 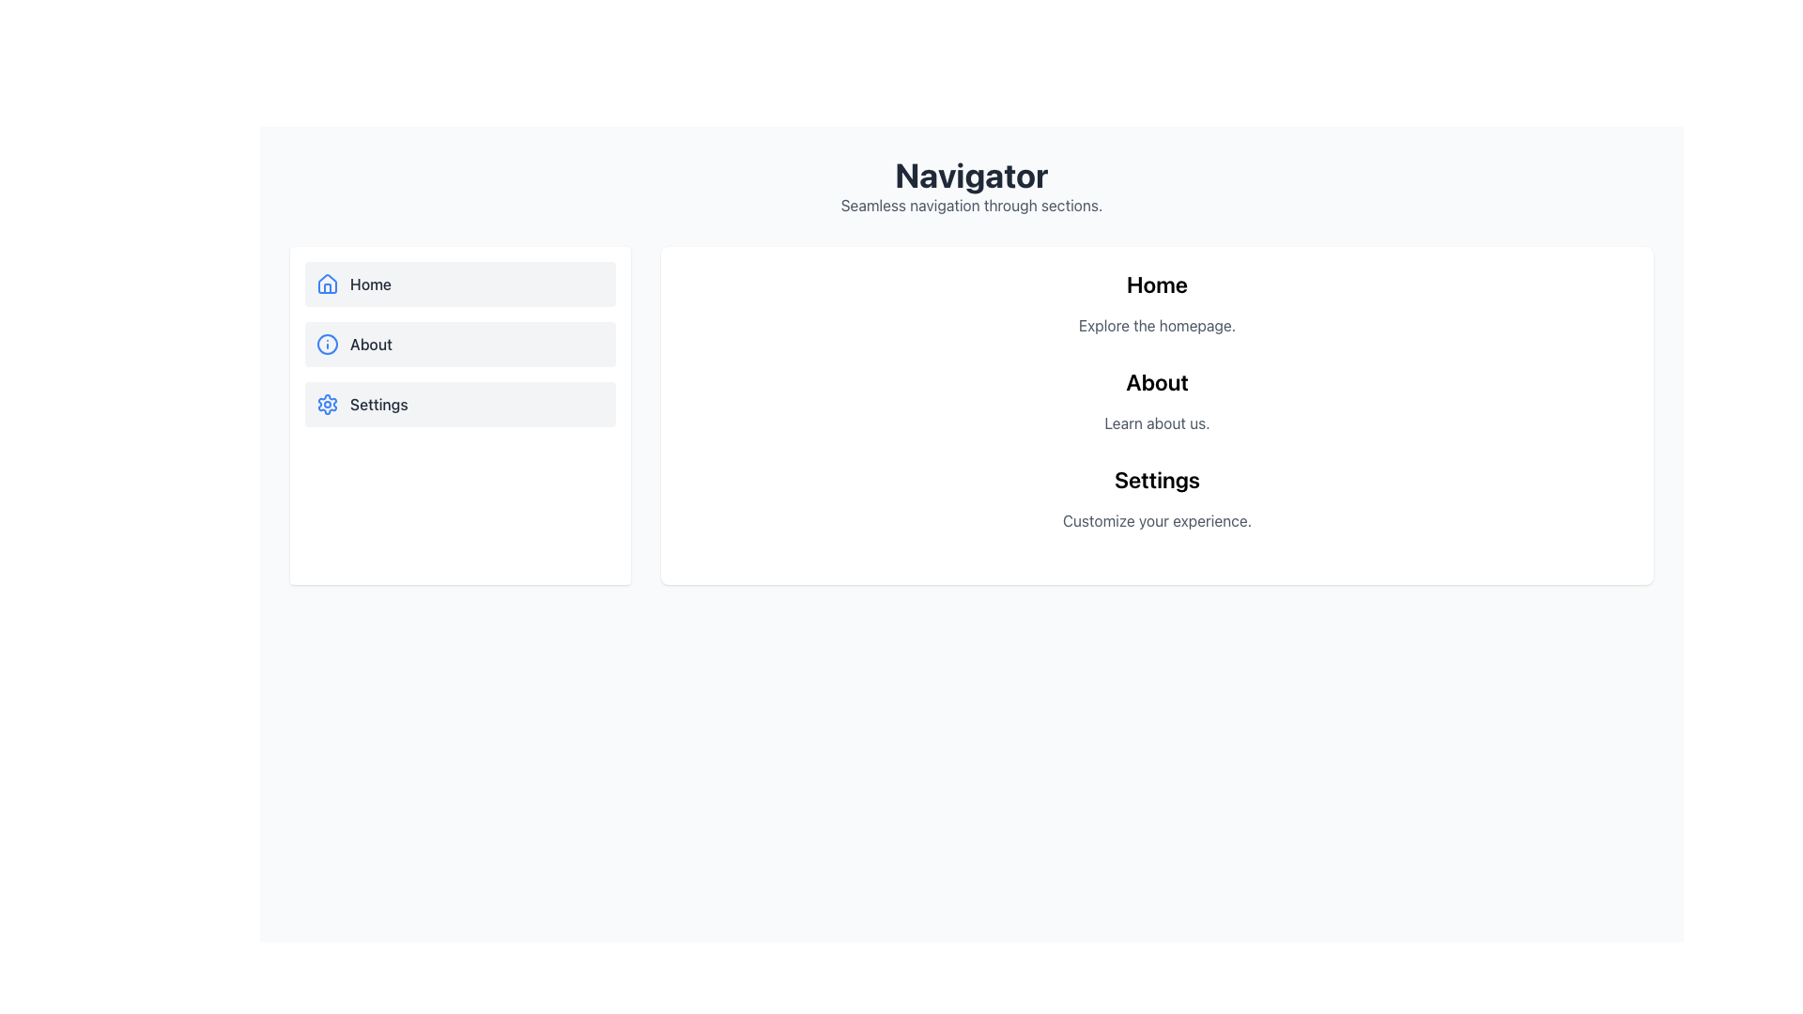 I want to click on the Heading element located centrally at the top of the view, which serves as the title or header for the section, so click(x=972, y=175).